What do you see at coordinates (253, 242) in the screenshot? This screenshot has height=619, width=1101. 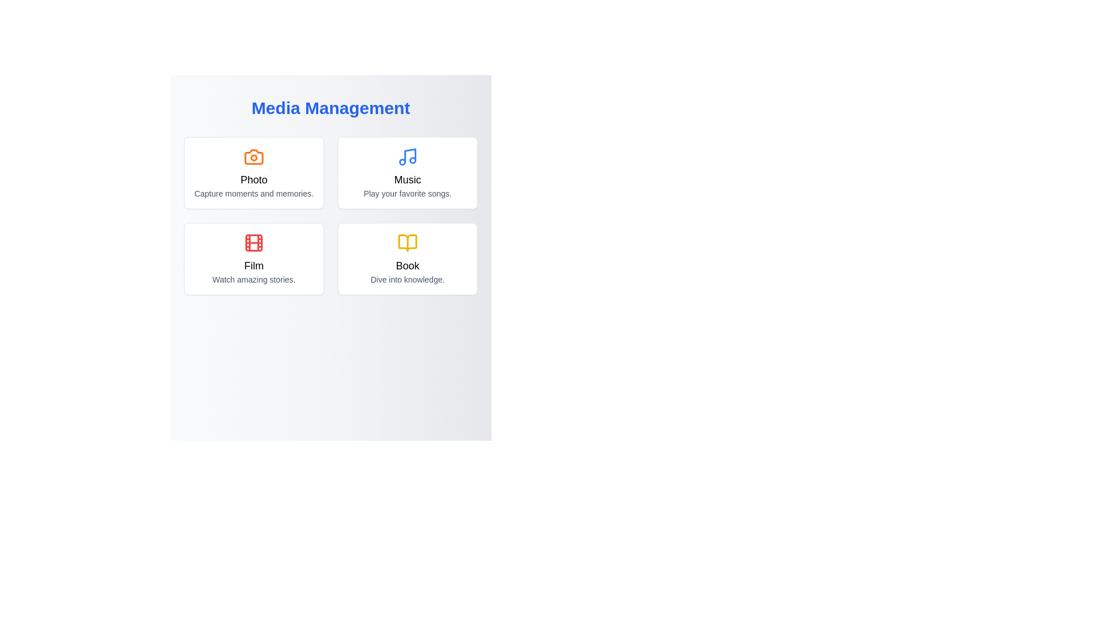 I see `the red rectangle with rounded corners that is part of the film icon in the 'Media Management' section` at bounding box center [253, 242].